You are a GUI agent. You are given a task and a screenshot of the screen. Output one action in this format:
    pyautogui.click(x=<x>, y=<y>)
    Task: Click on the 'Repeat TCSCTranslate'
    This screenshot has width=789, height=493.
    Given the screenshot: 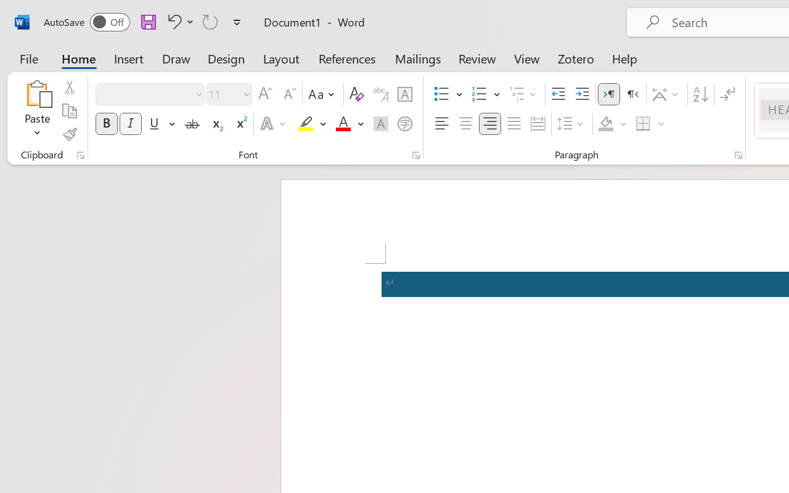 What is the action you would take?
    pyautogui.click(x=210, y=21)
    